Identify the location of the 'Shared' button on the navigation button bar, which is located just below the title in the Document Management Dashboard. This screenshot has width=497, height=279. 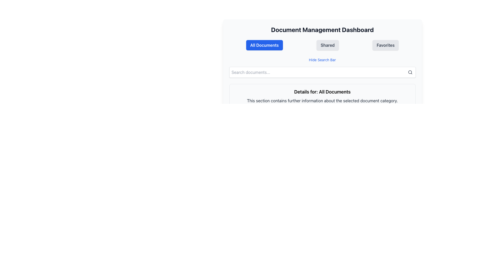
(322, 45).